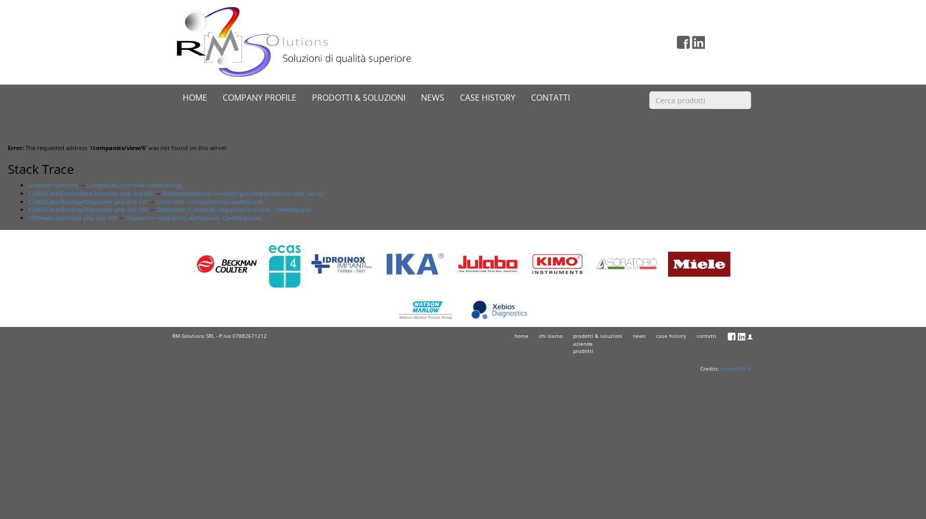 This screenshot has width=926, height=519. I want to click on 'CORE/Cake/Routing/Dispatcher.php line 191', so click(88, 201).